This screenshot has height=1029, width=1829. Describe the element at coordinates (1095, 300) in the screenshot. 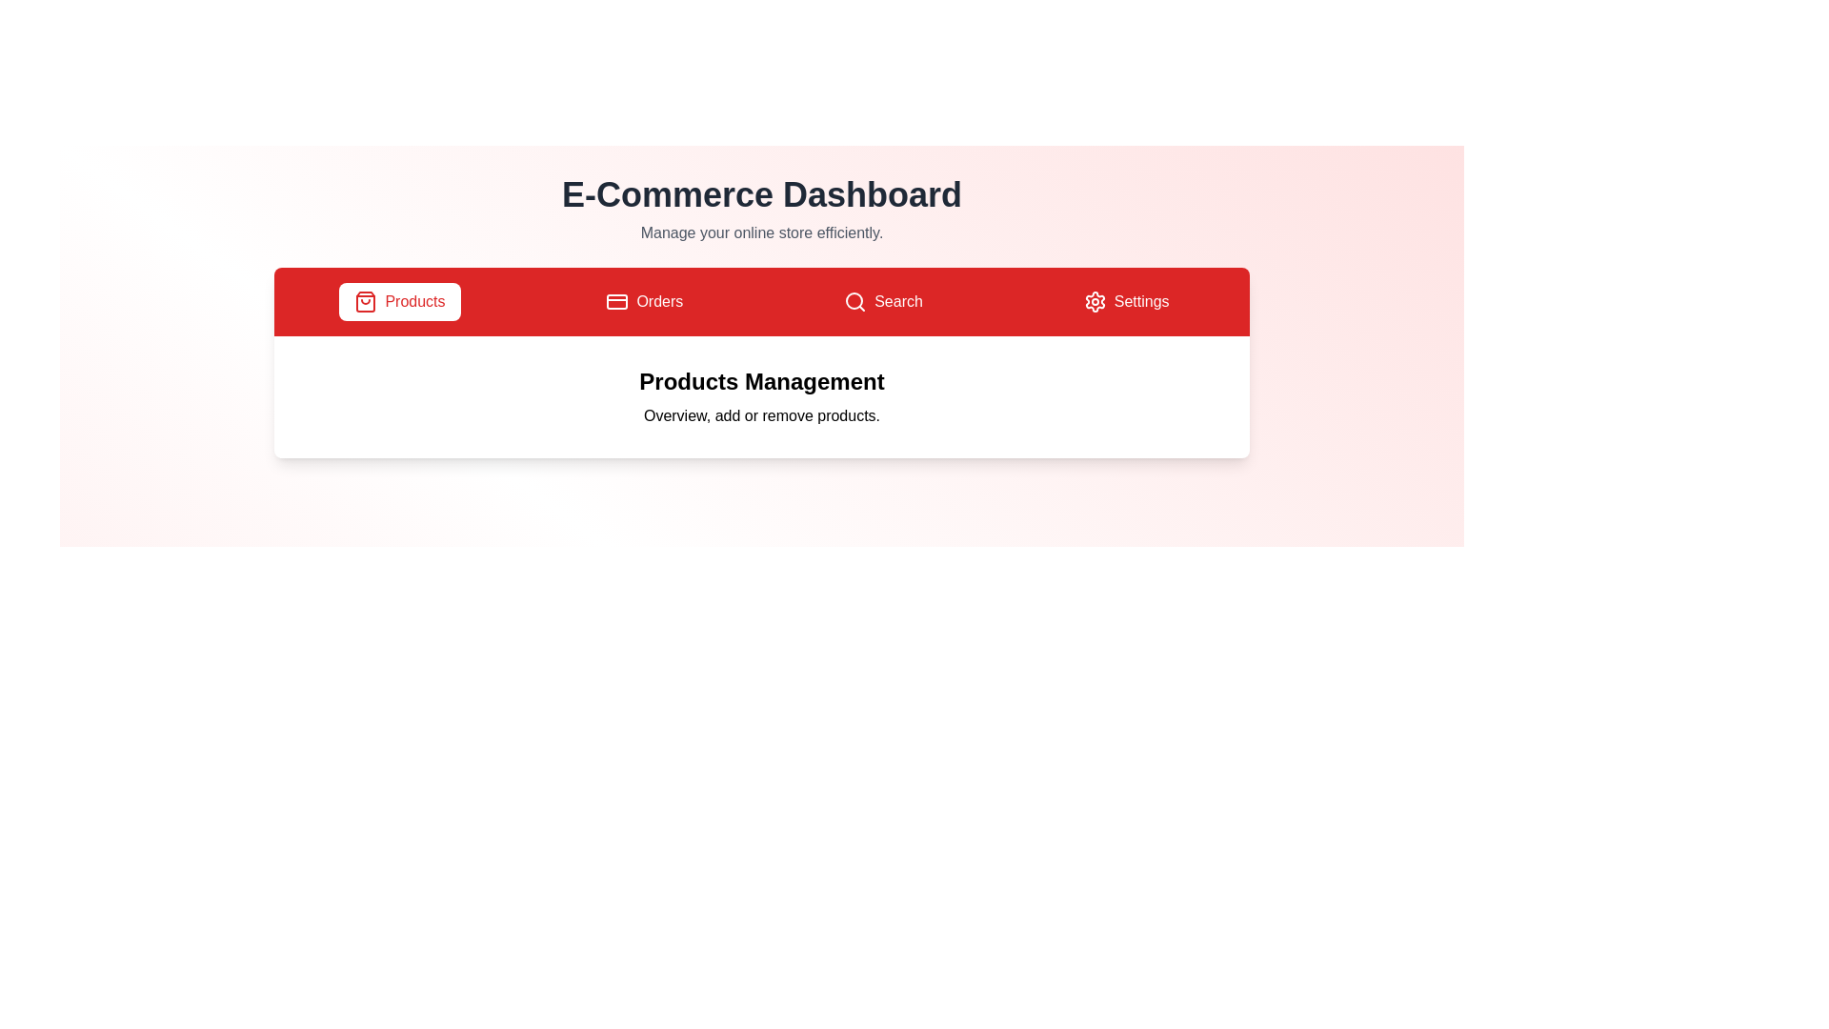

I see `the gear icon in the navigation bar, which is the fourth item on the right side` at that location.